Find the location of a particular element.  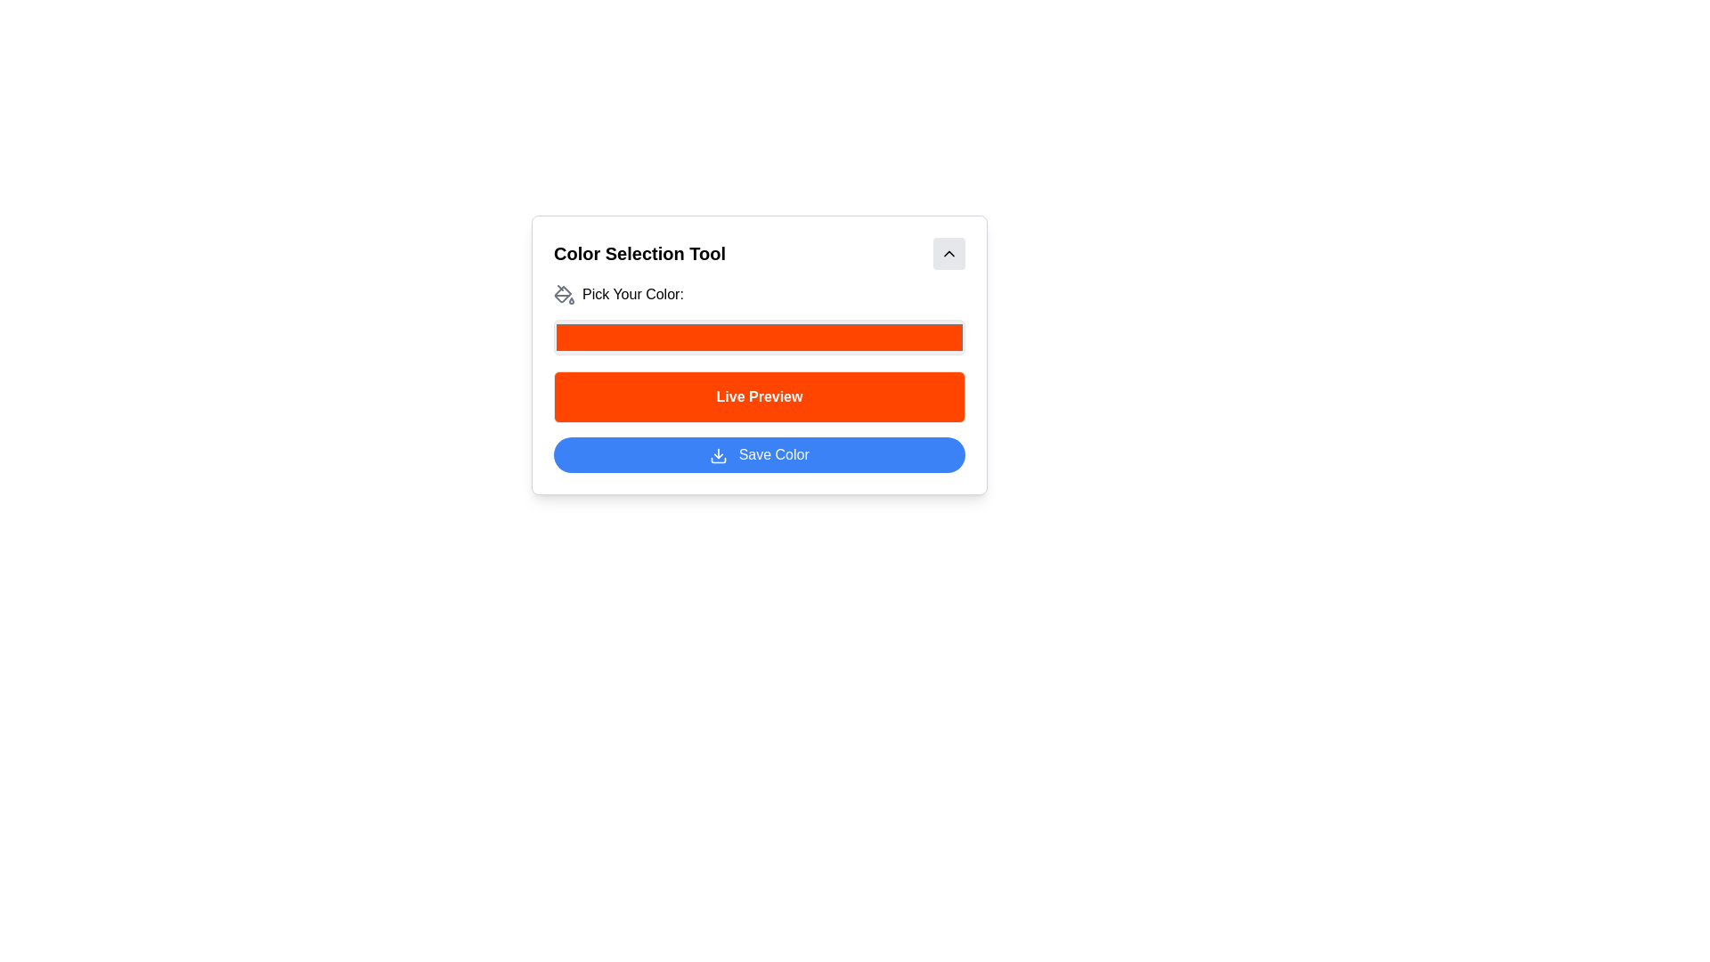

the 'Save Color' button located at the bottom of the color selection tool interface is located at coordinates (760, 453).